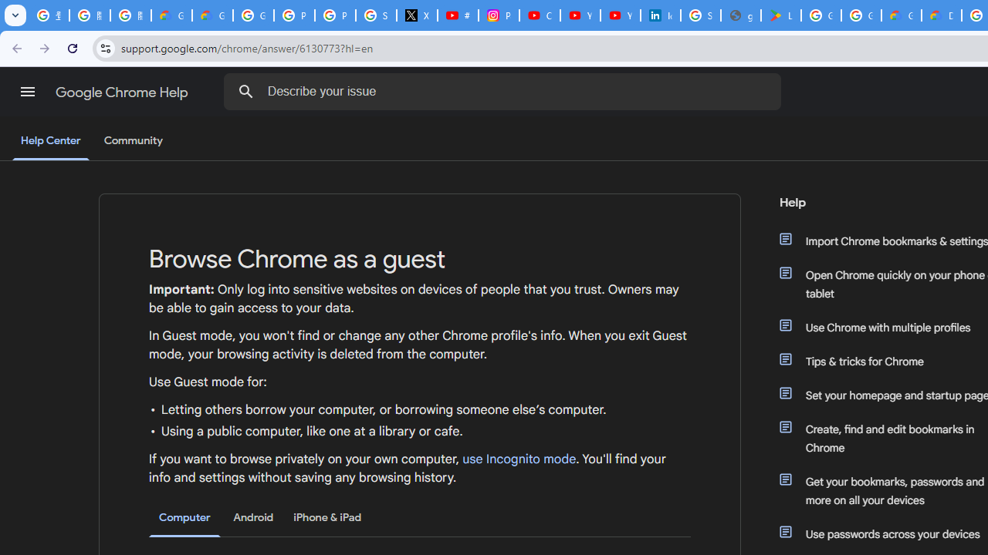 This screenshot has width=988, height=555. Describe the element at coordinates (505, 91) in the screenshot. I see `'Describe your issue'` at that location.